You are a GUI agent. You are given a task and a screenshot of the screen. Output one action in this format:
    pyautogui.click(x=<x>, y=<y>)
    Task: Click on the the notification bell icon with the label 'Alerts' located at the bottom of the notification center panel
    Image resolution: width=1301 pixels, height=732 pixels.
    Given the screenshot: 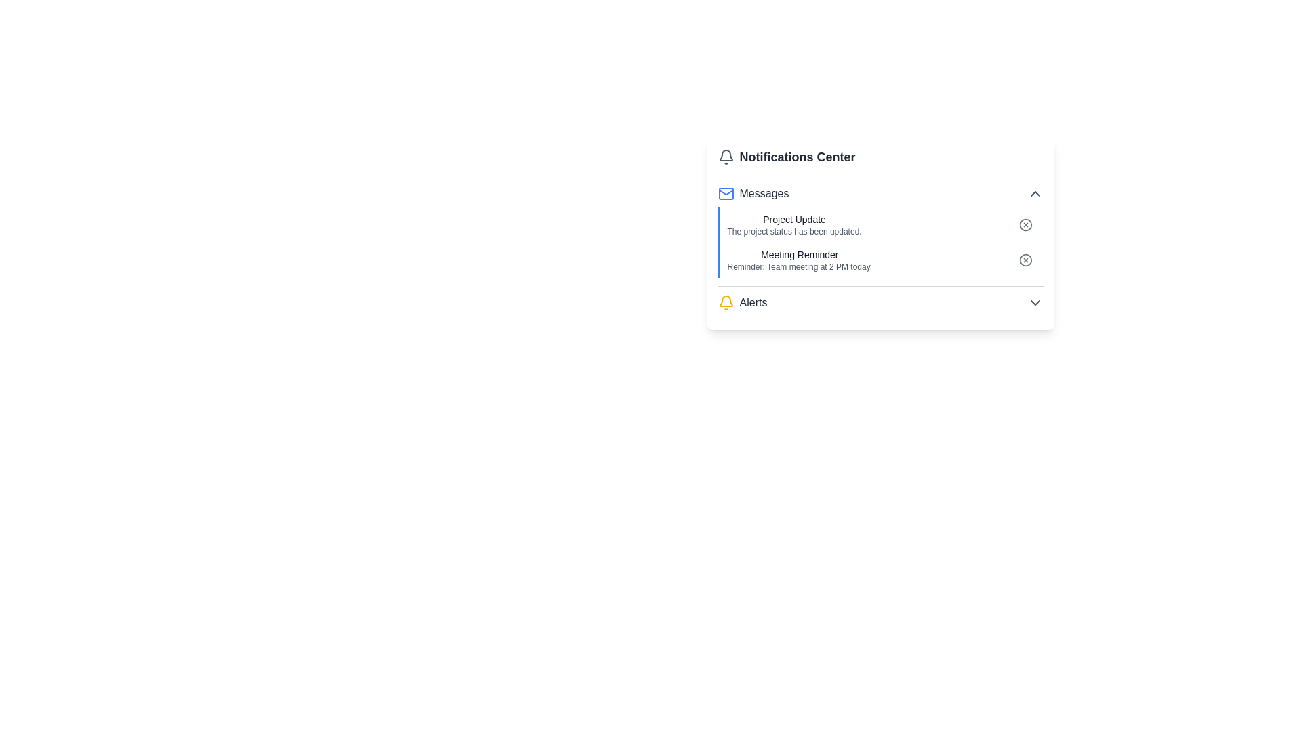 What is the action you would take?
    pyautogui.click(x=741, y=302)
    